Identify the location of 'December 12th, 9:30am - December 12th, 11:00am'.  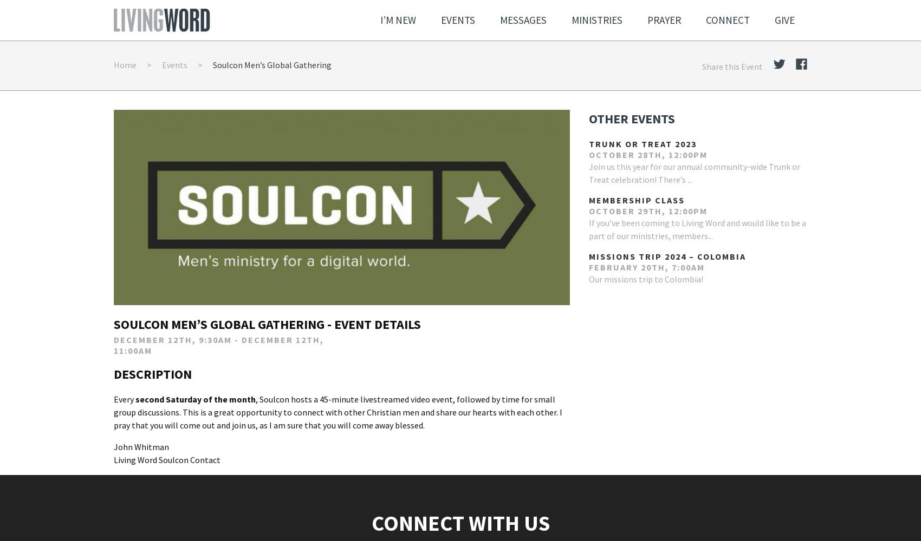
(218, 345).